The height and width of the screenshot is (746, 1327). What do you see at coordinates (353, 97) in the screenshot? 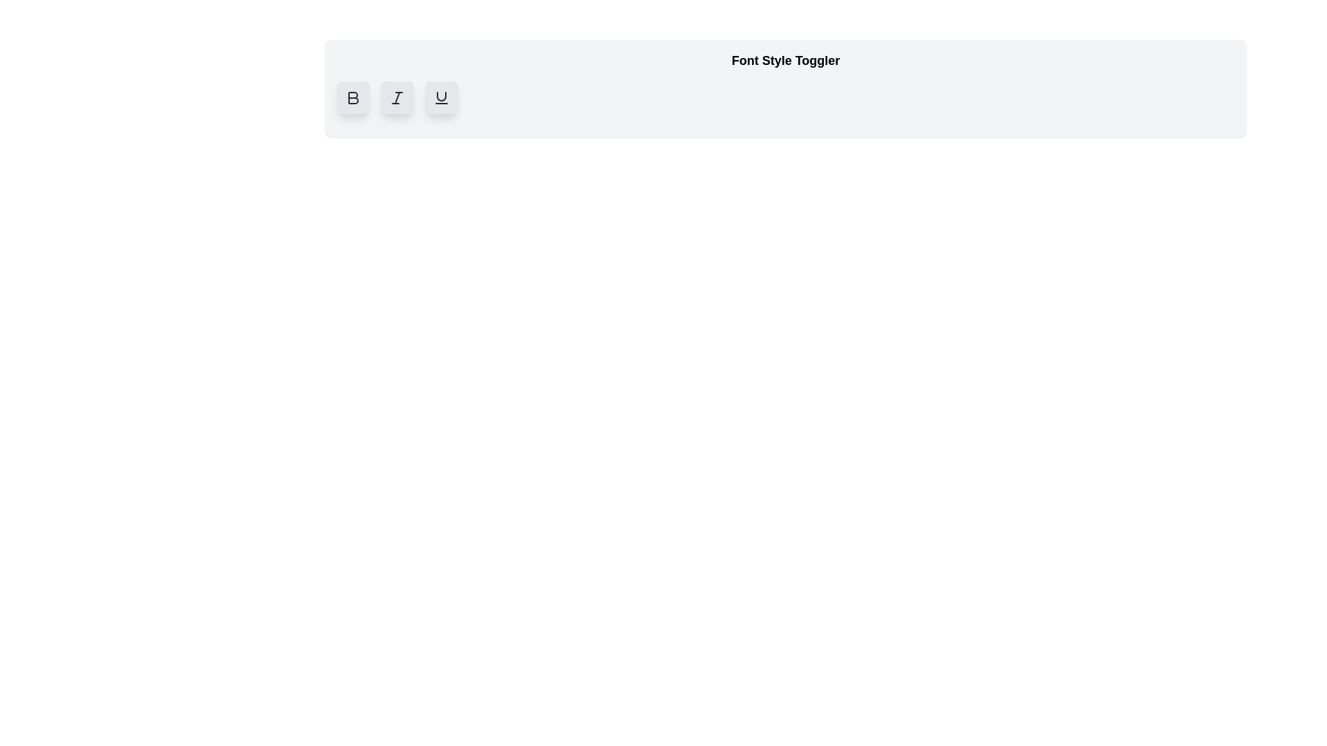
I see `the Bold icon button` at bounding box center [353, 97].